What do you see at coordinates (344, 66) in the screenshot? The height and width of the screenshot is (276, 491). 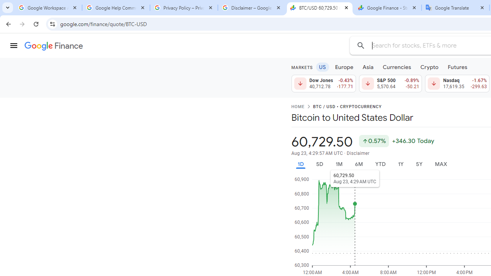 I see `'Europe'` at bounding box center [344, 66].